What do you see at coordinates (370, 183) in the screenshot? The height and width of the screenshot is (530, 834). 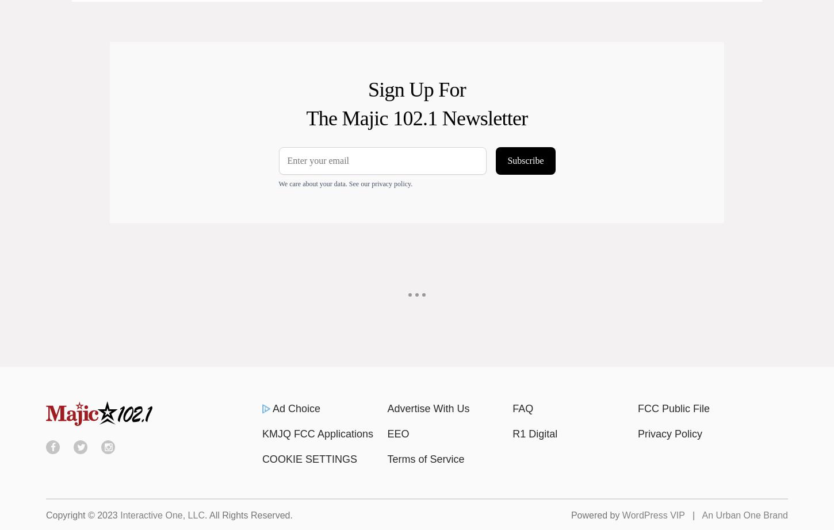 I see `'privacy policy'` at bounding box center [370, 183].